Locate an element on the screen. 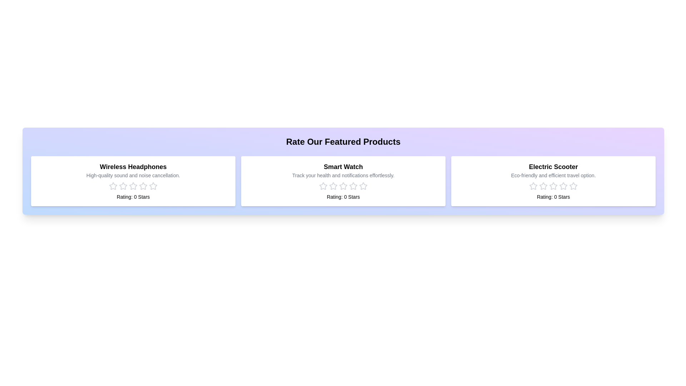 The height and width of the screenshot is (386, 686). the rating for the product 'Wireless Headphones' to 4 stars by clicking on the corresponding star is located at coordinates (143, 185).